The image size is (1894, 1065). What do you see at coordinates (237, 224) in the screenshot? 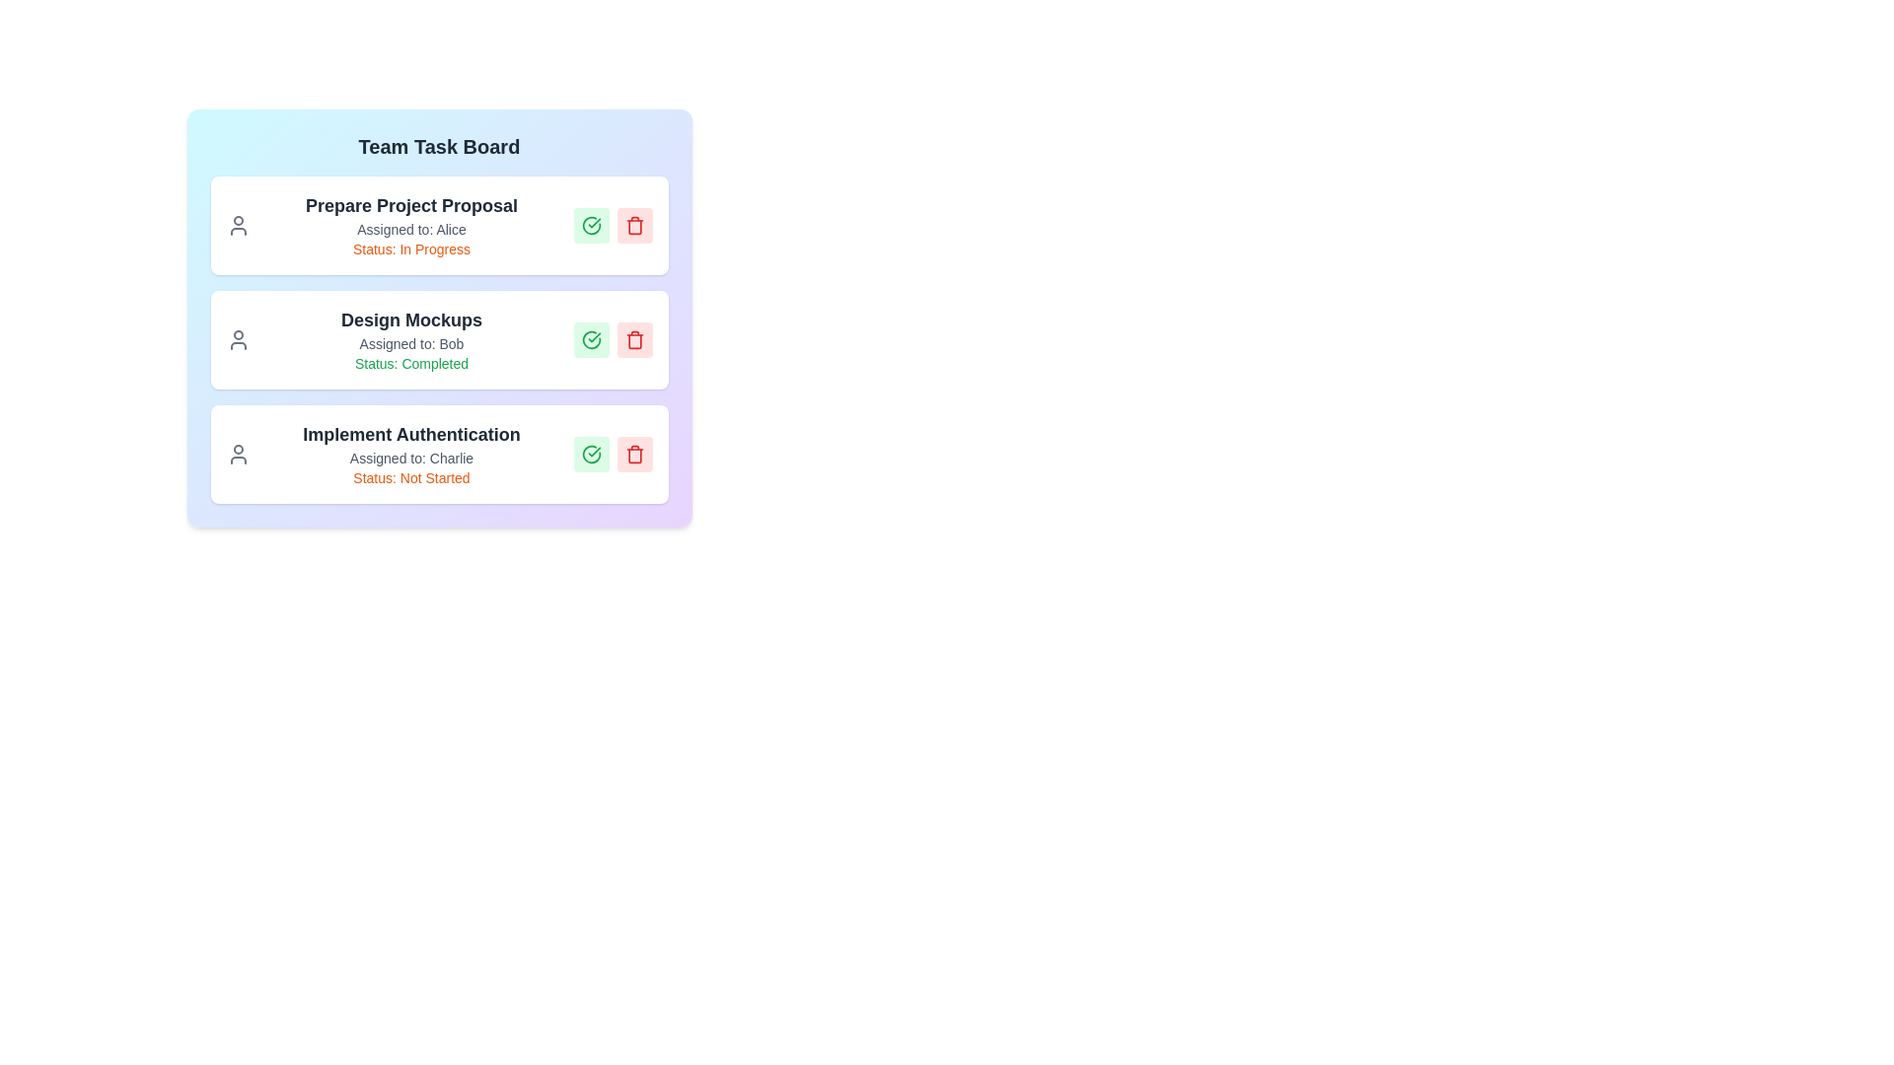
I see `the user icon next to the task titled 'Prepare Project Proposal'` at bounding box center [237, 224].